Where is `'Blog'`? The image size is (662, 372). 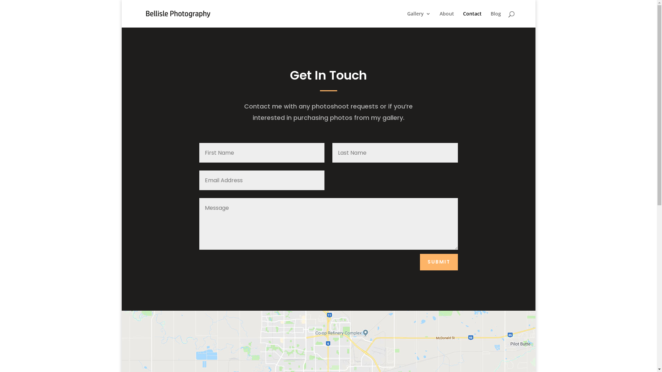 'Blog' is located at coordinates (490, 19).